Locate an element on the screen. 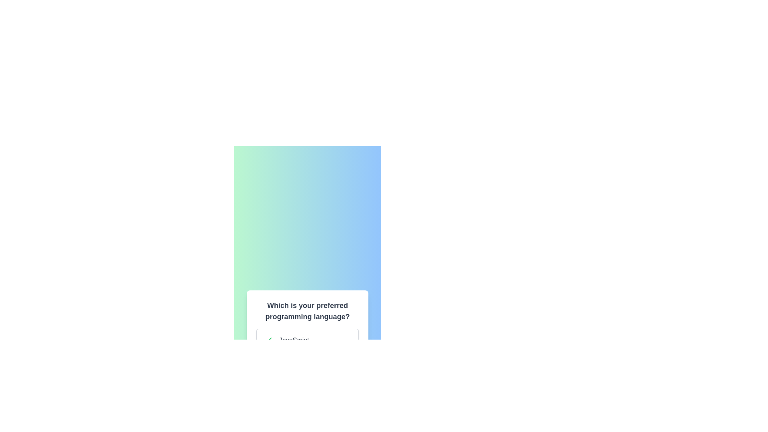 Image resolution: width=768 pixels, height=432 pixels. the second selectable option for the preferred programming language, which is located beneath the 'JavaScript' option and above the 'Rust' option is located at coordinates (307, 367).